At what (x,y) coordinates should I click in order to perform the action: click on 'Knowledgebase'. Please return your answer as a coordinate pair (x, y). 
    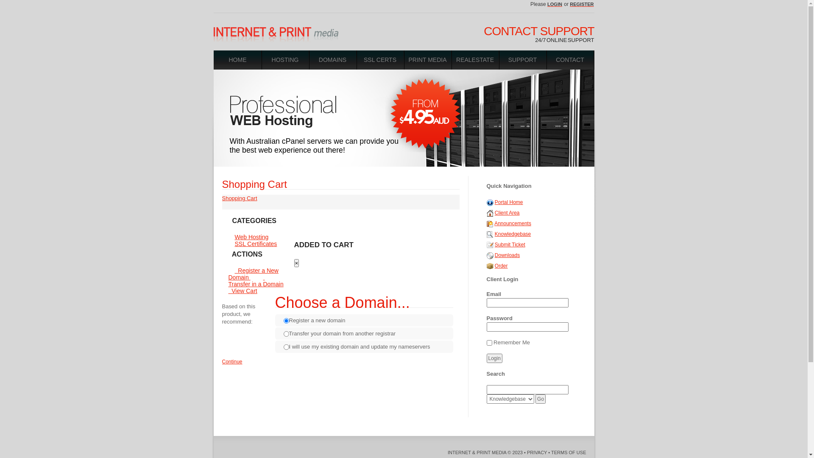
    Looking at the image, I should click on (490, 234).